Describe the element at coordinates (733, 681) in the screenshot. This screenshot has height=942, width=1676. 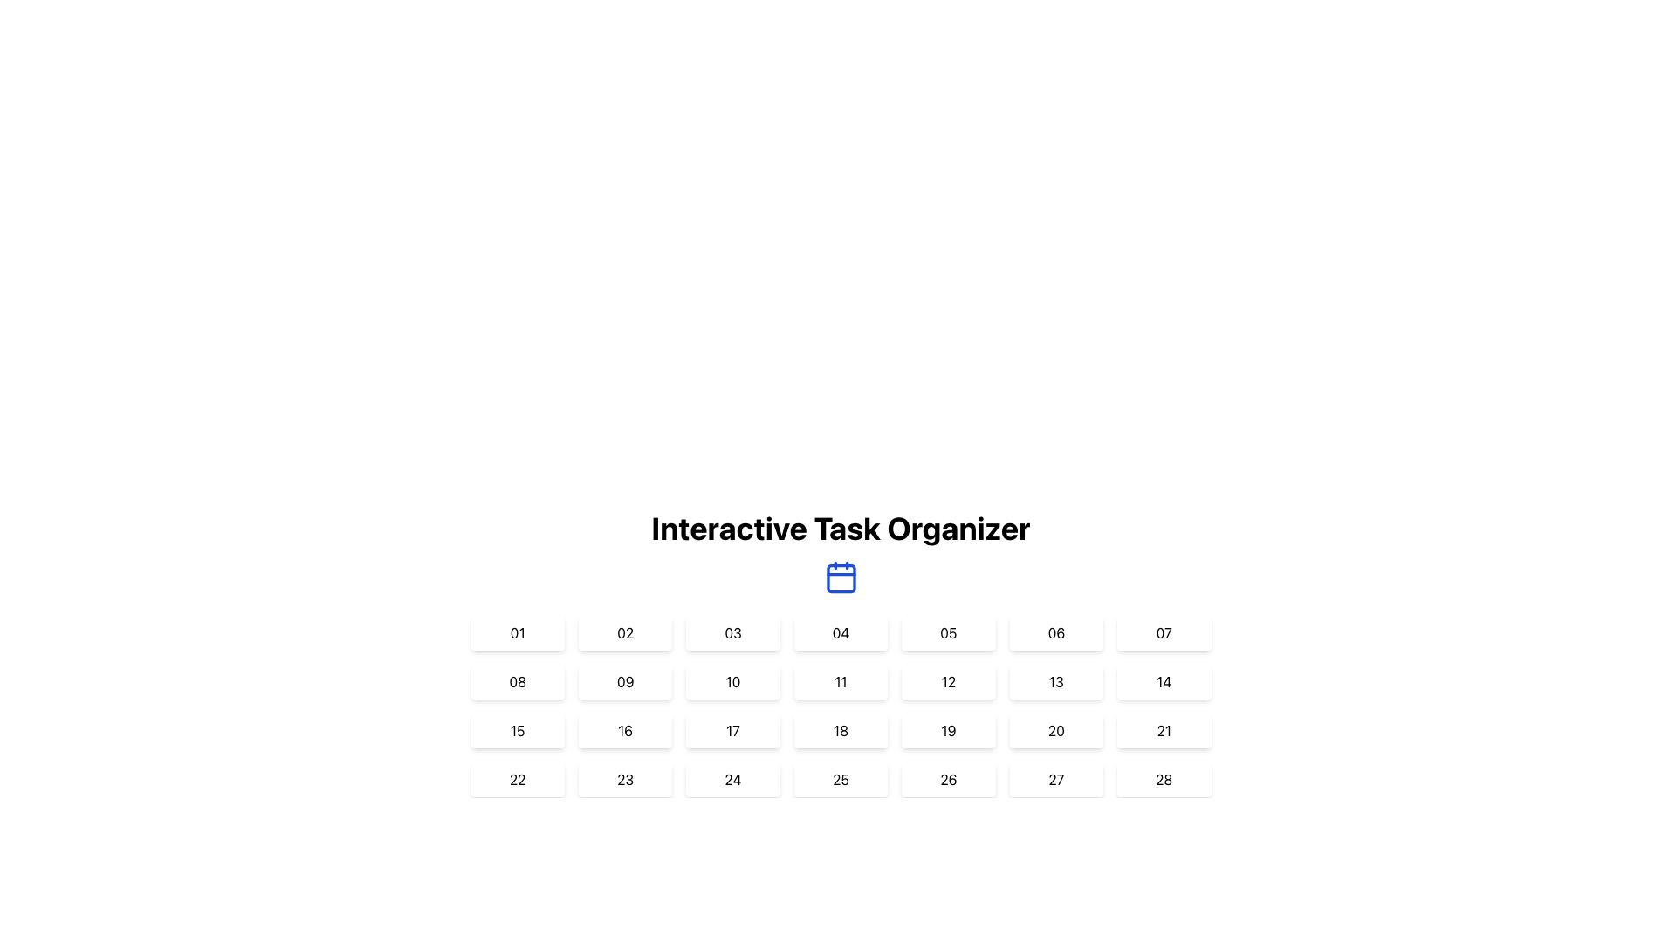
I see `the button displaying the number '10' with a light gray background to trigger the visual hover effect` at that location.